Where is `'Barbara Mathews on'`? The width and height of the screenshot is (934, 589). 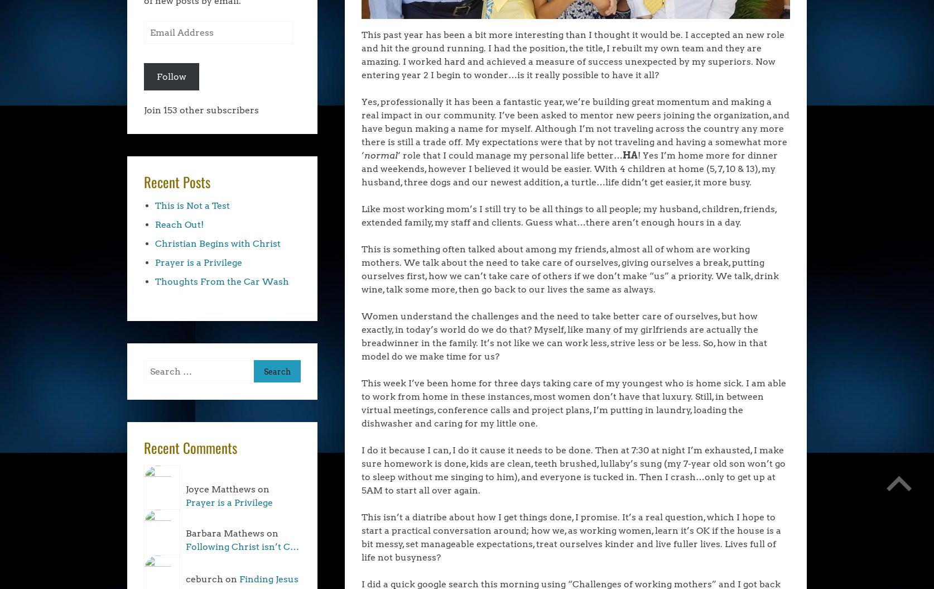 'Barbara Mathews on' is located at coordinates (232, 533).